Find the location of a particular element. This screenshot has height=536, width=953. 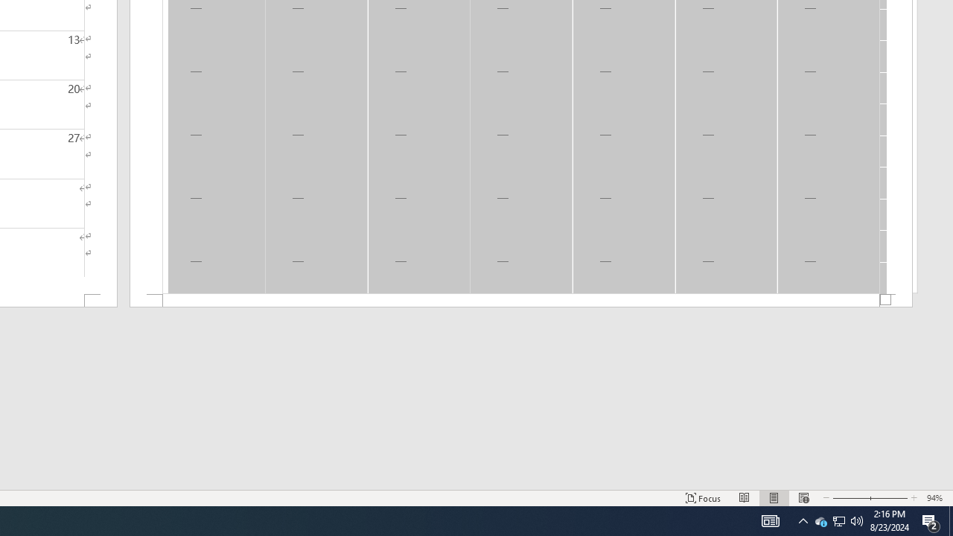

'Web Layout' is located at coordinates (803, 498).